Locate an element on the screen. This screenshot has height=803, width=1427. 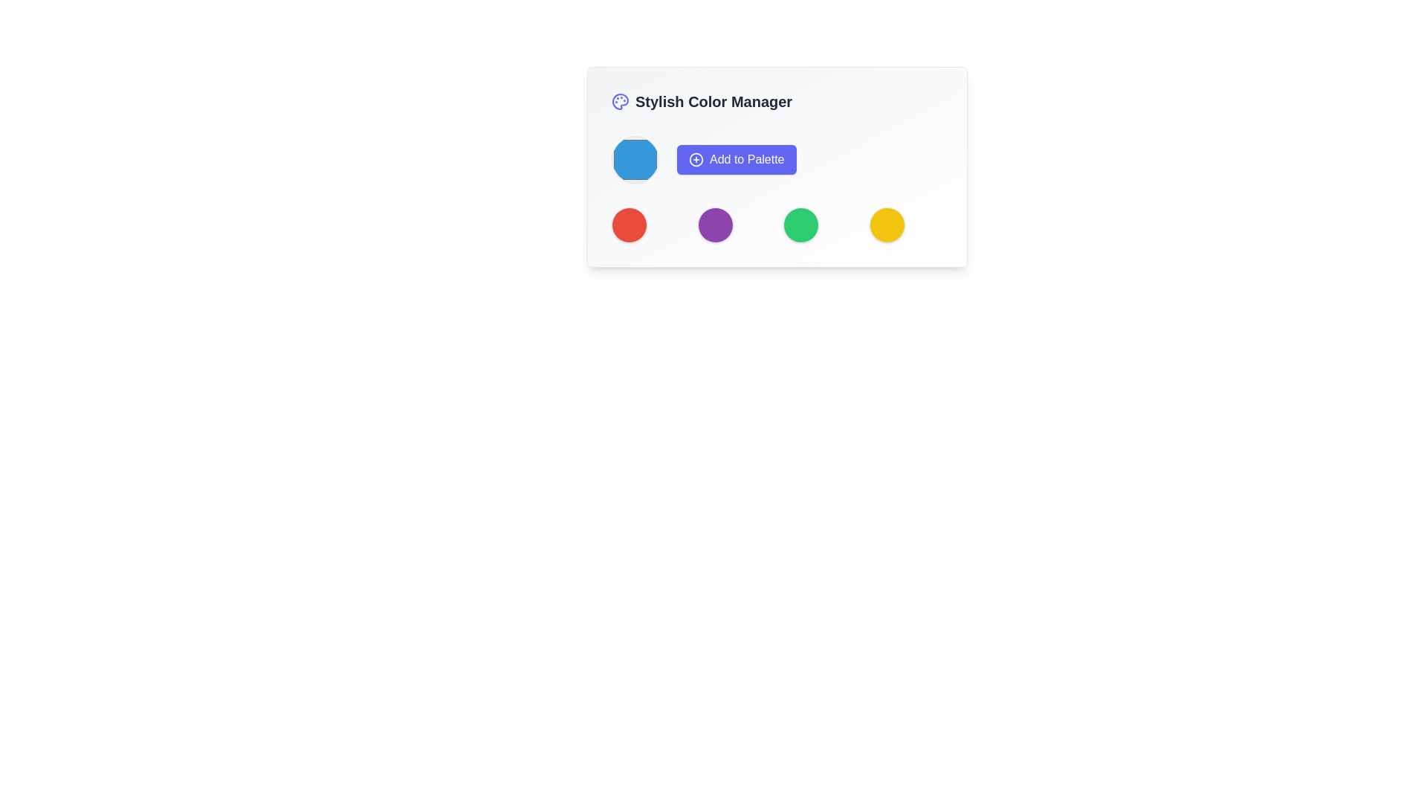
the red circular button located at the top right corner of the application interface is located at coordinates (629, 225).